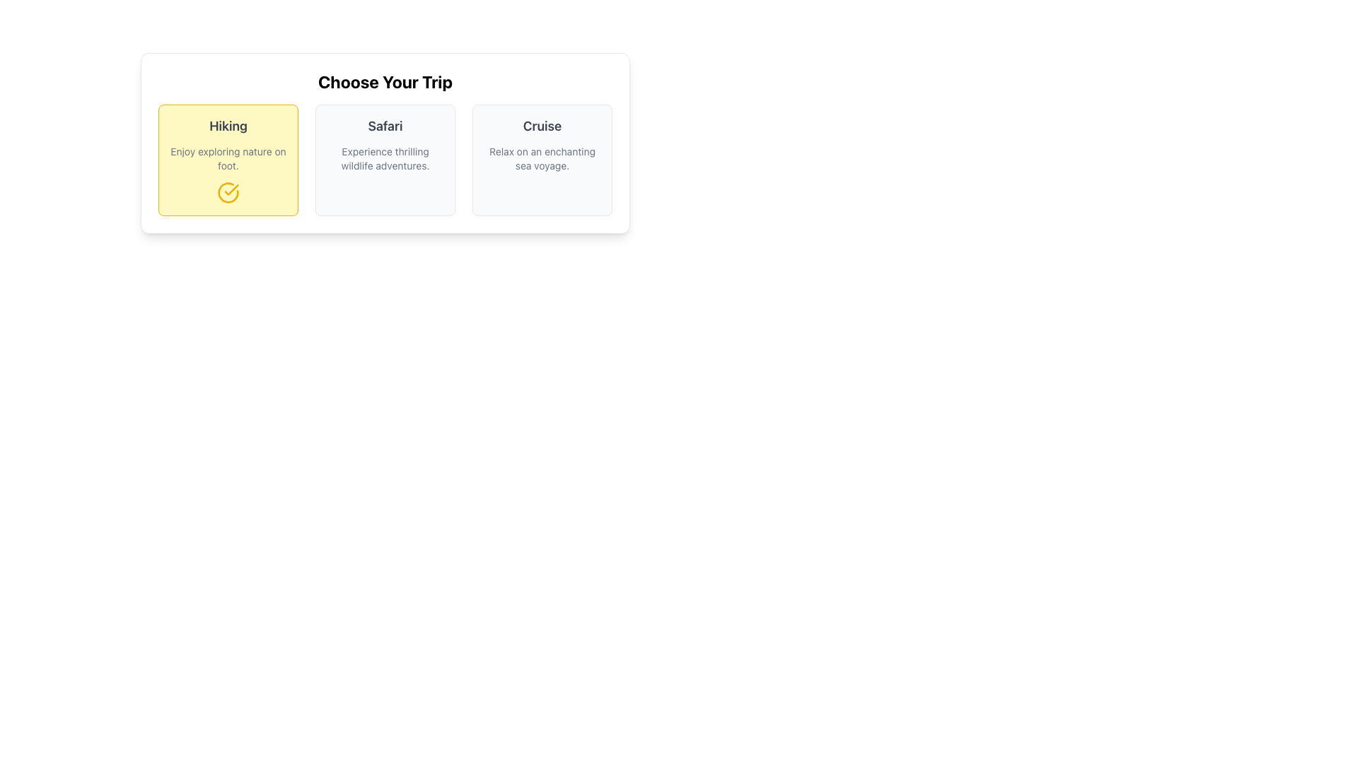 This screenshot has height=763, width=1358. What do you see at coordinates (228, 193) in the screenshot?
I see `the confirmation icon located at the bottom-right of the 'Hiking' card, beneath the text block` at bounding box center [228, 193].